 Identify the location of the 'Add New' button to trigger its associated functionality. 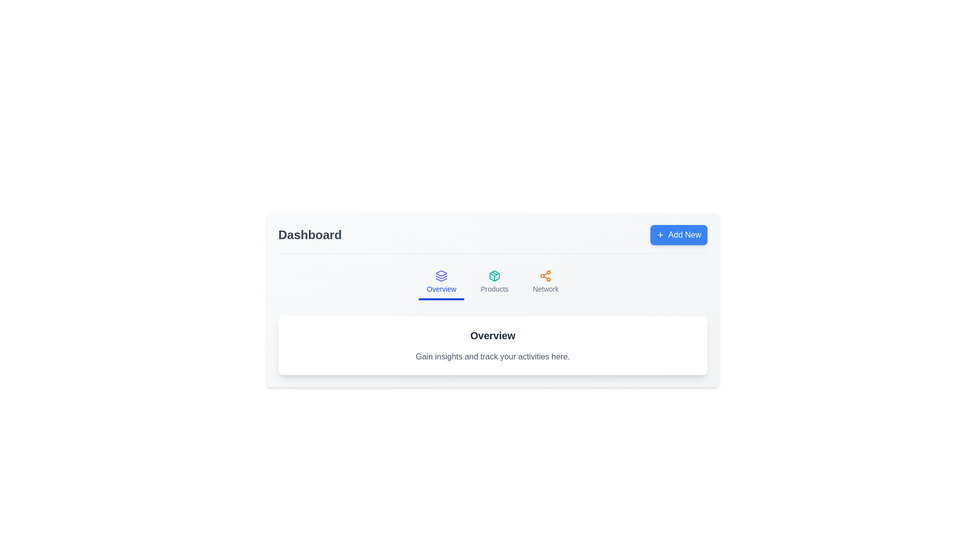
(679, 235).